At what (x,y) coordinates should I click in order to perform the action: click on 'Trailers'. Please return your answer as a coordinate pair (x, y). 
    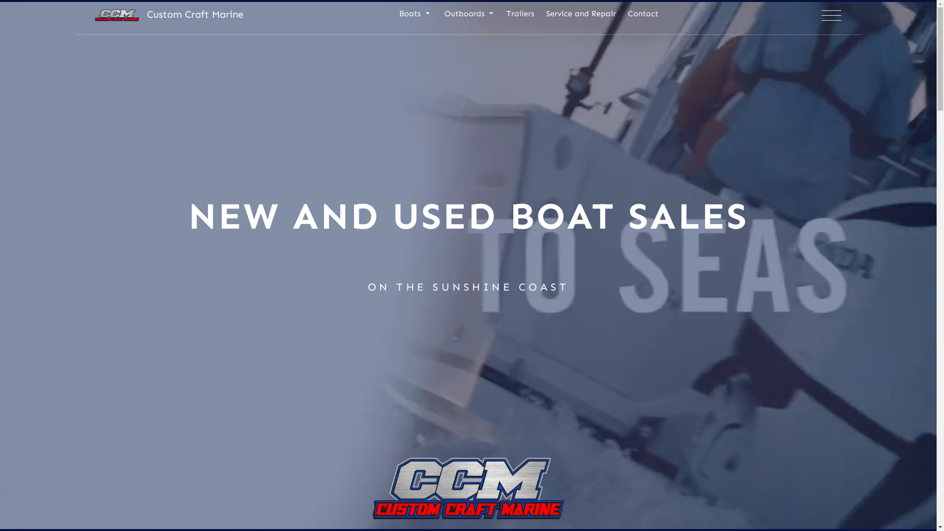
    Looking at the image, I should click on (520, 17).